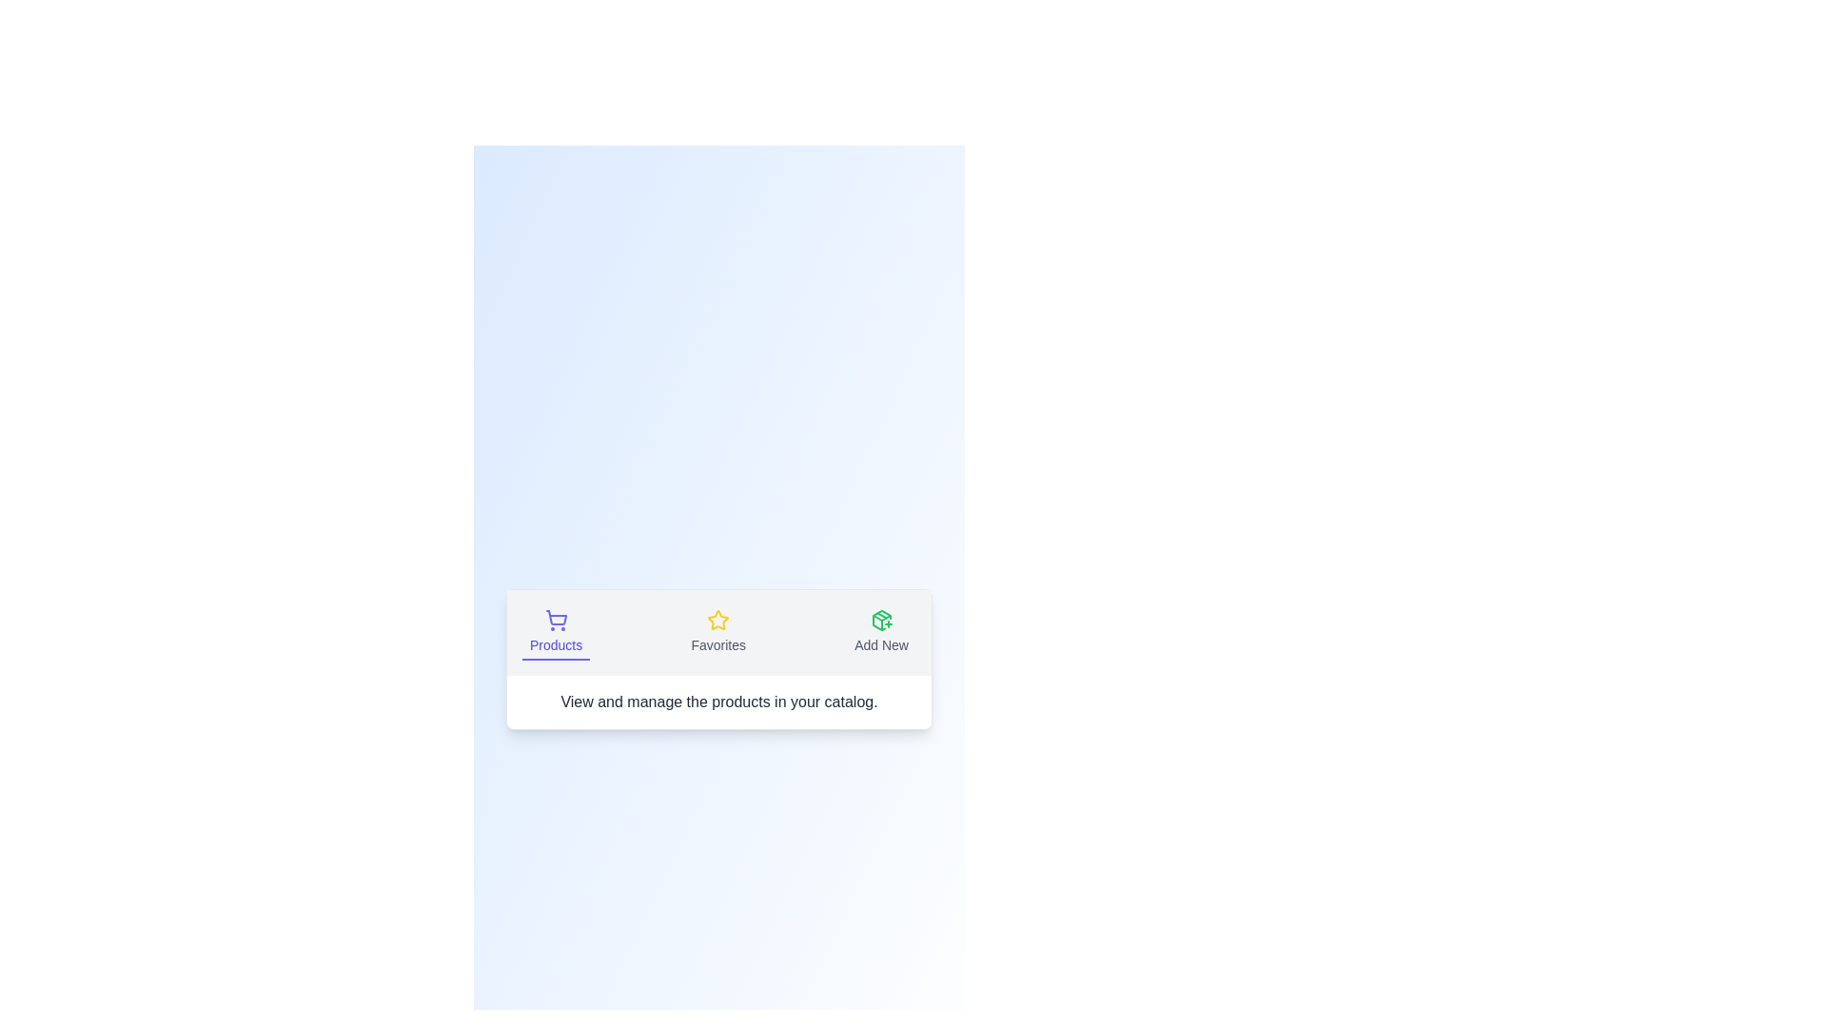 Image resolution: width=1827 pixels, height=1028 pixels. I want to click on the Add New tab, so click(880, 632).